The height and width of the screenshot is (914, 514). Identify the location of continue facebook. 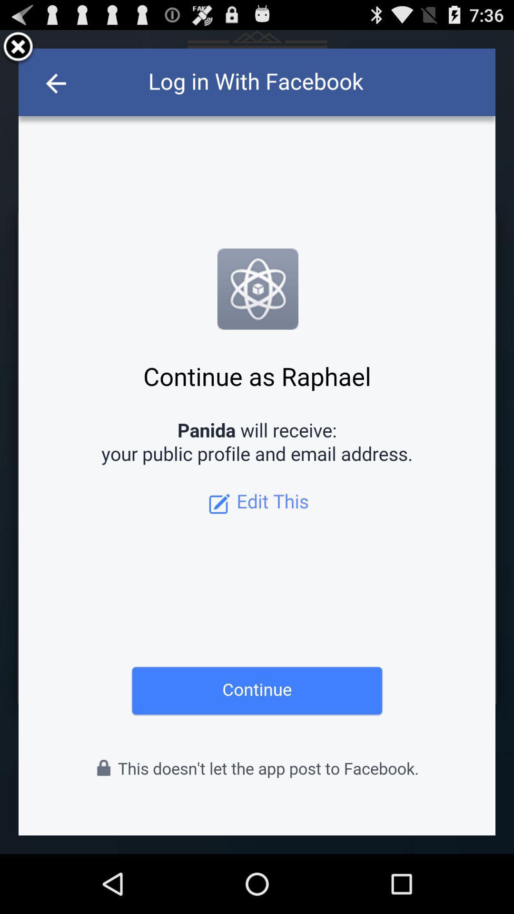
(257, 441).